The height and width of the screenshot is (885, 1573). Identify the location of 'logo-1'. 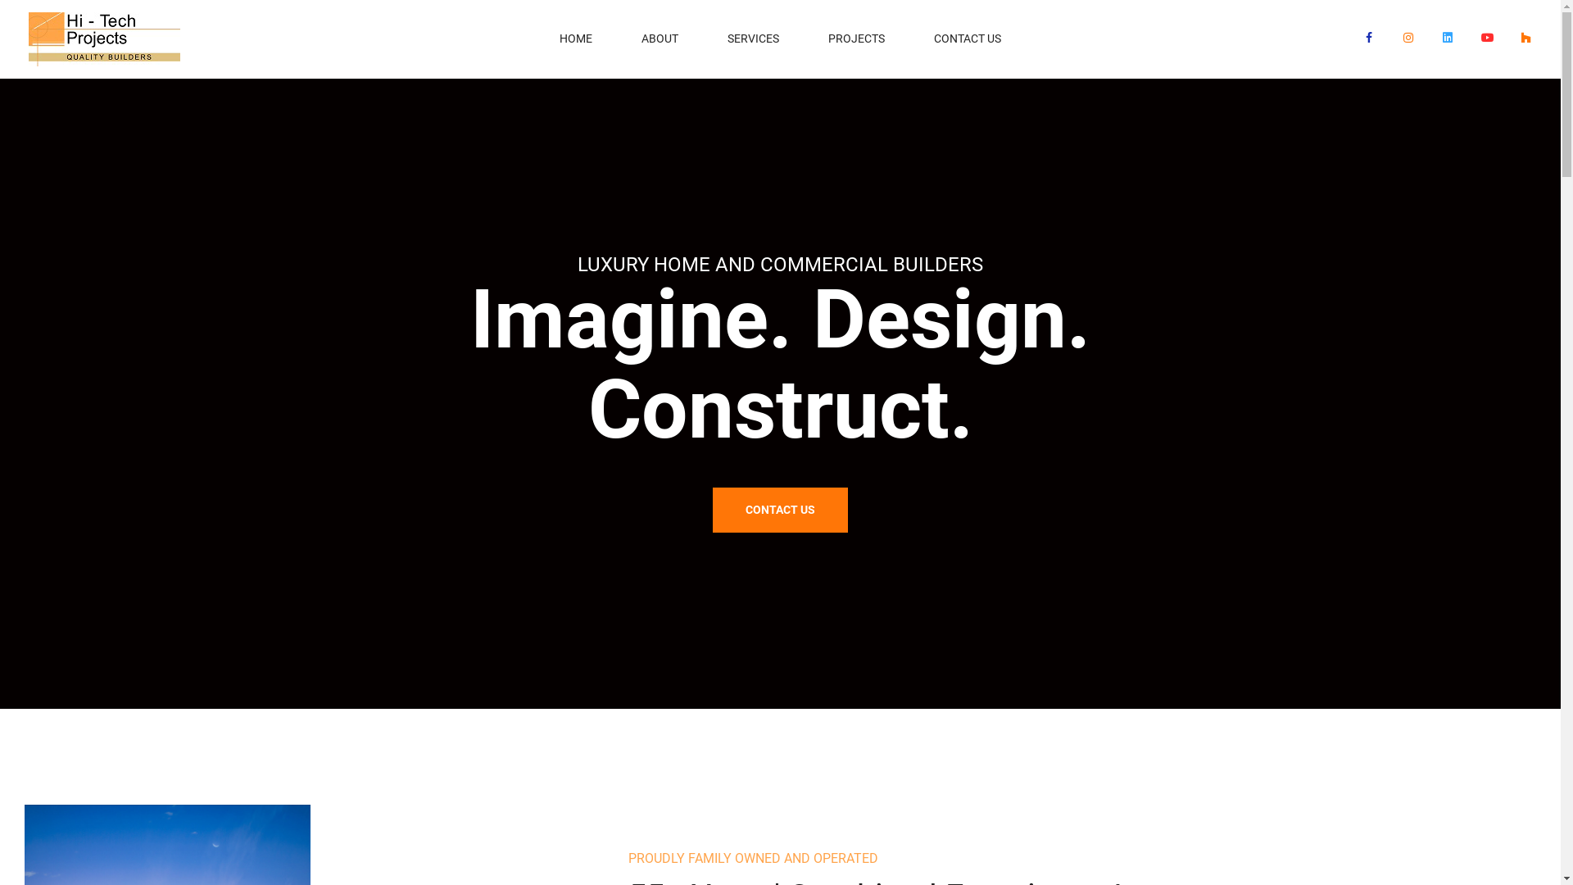
(103, 38).